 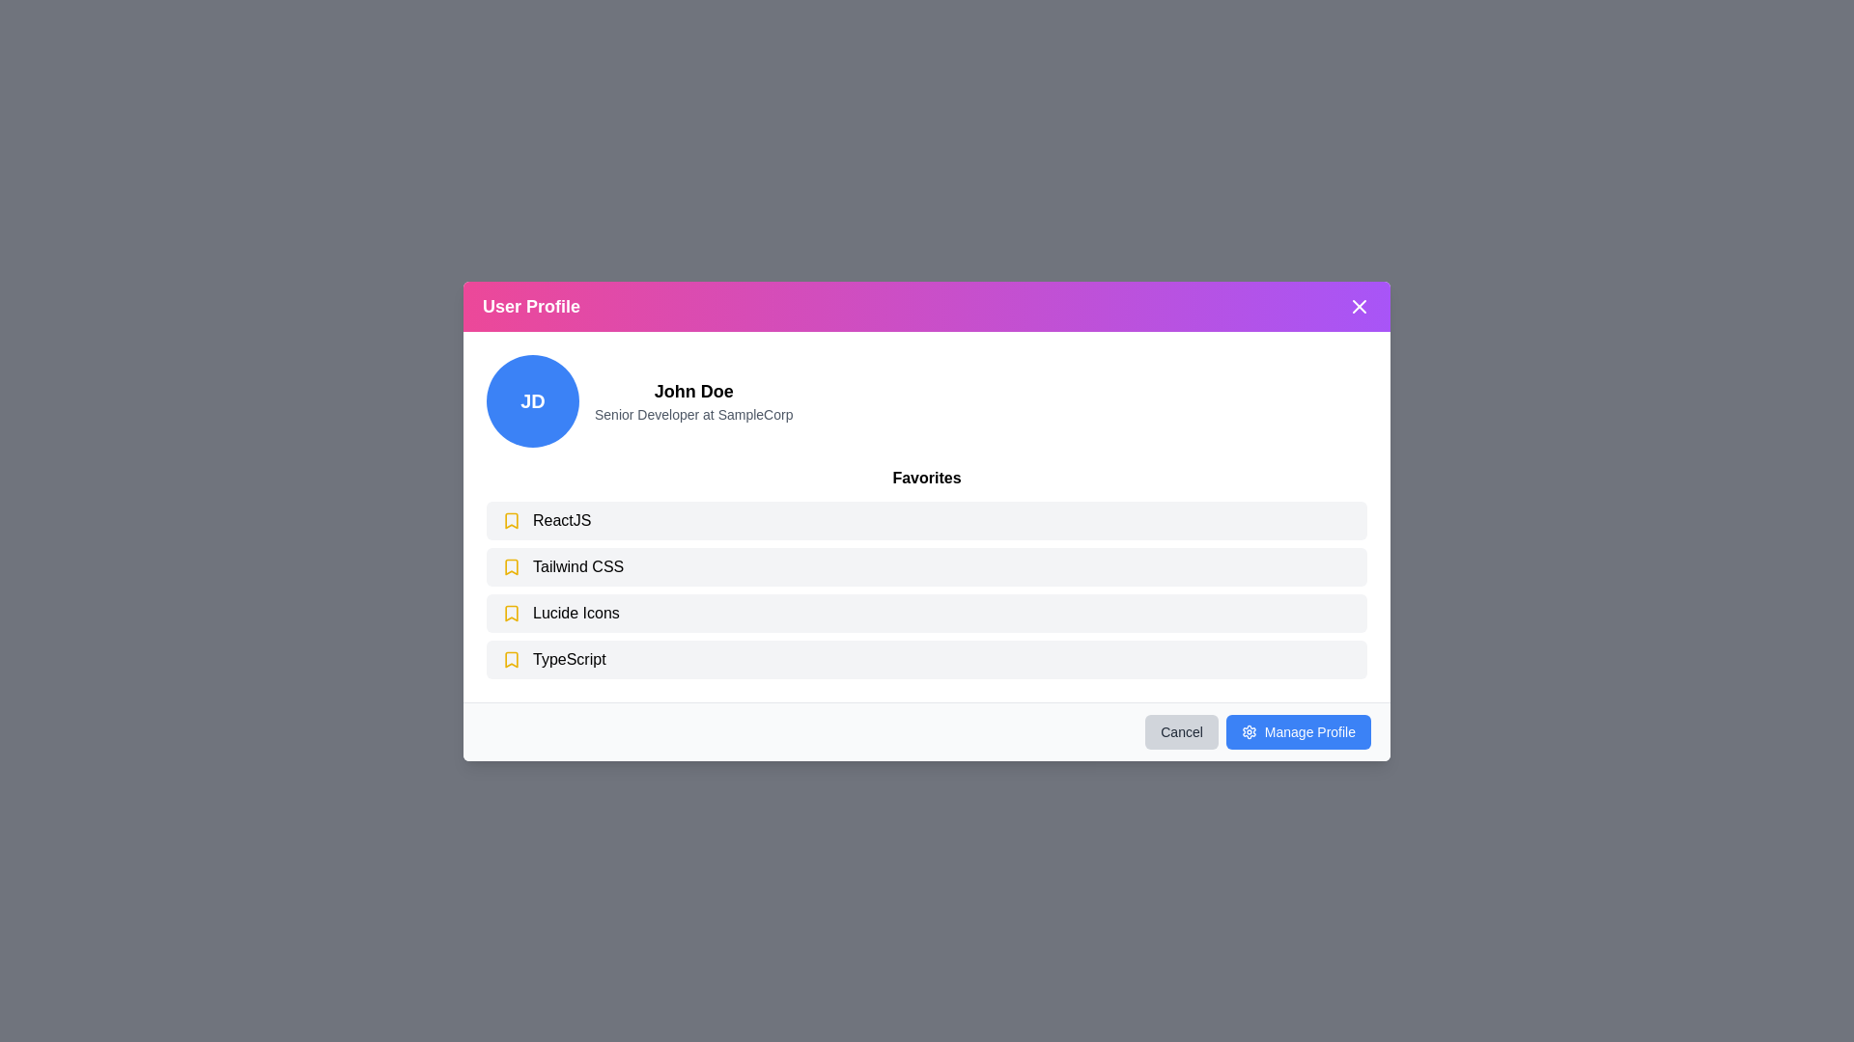 What do you see at coordinates (1358, 305) in the screenshot?
I see `the X-close icon located in the top-right corner of the modal dialog beside the 'User Profile' title bar` at bounding box center [1358, 305].